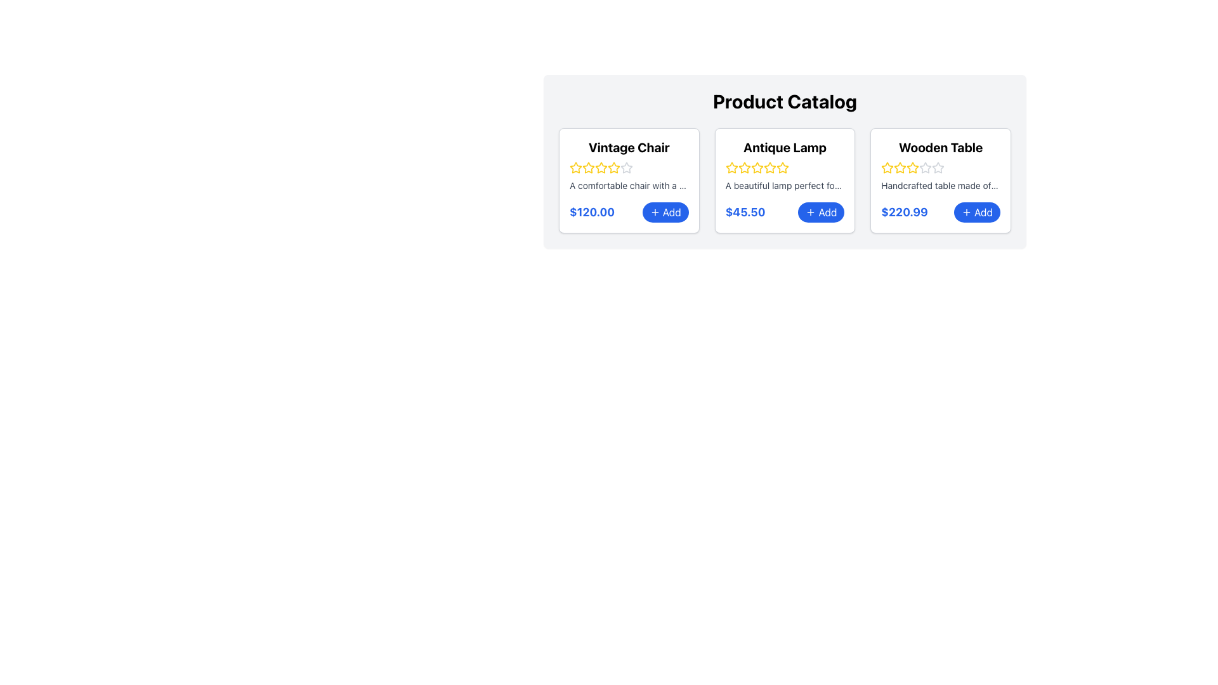 This screenshot has width=1218, height=685. I want to click on the text label displaying 'Antique Lamp' in bold and large font within the second product card of the catalog, so click(784, 147).